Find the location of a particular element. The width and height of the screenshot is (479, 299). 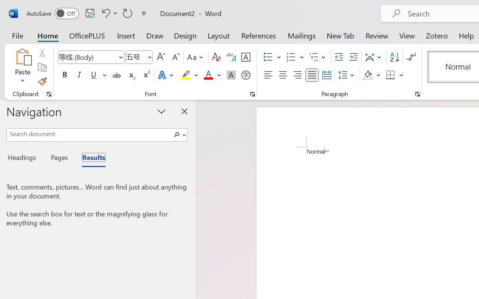

'Mailings' is located at coordinates (302, 35).